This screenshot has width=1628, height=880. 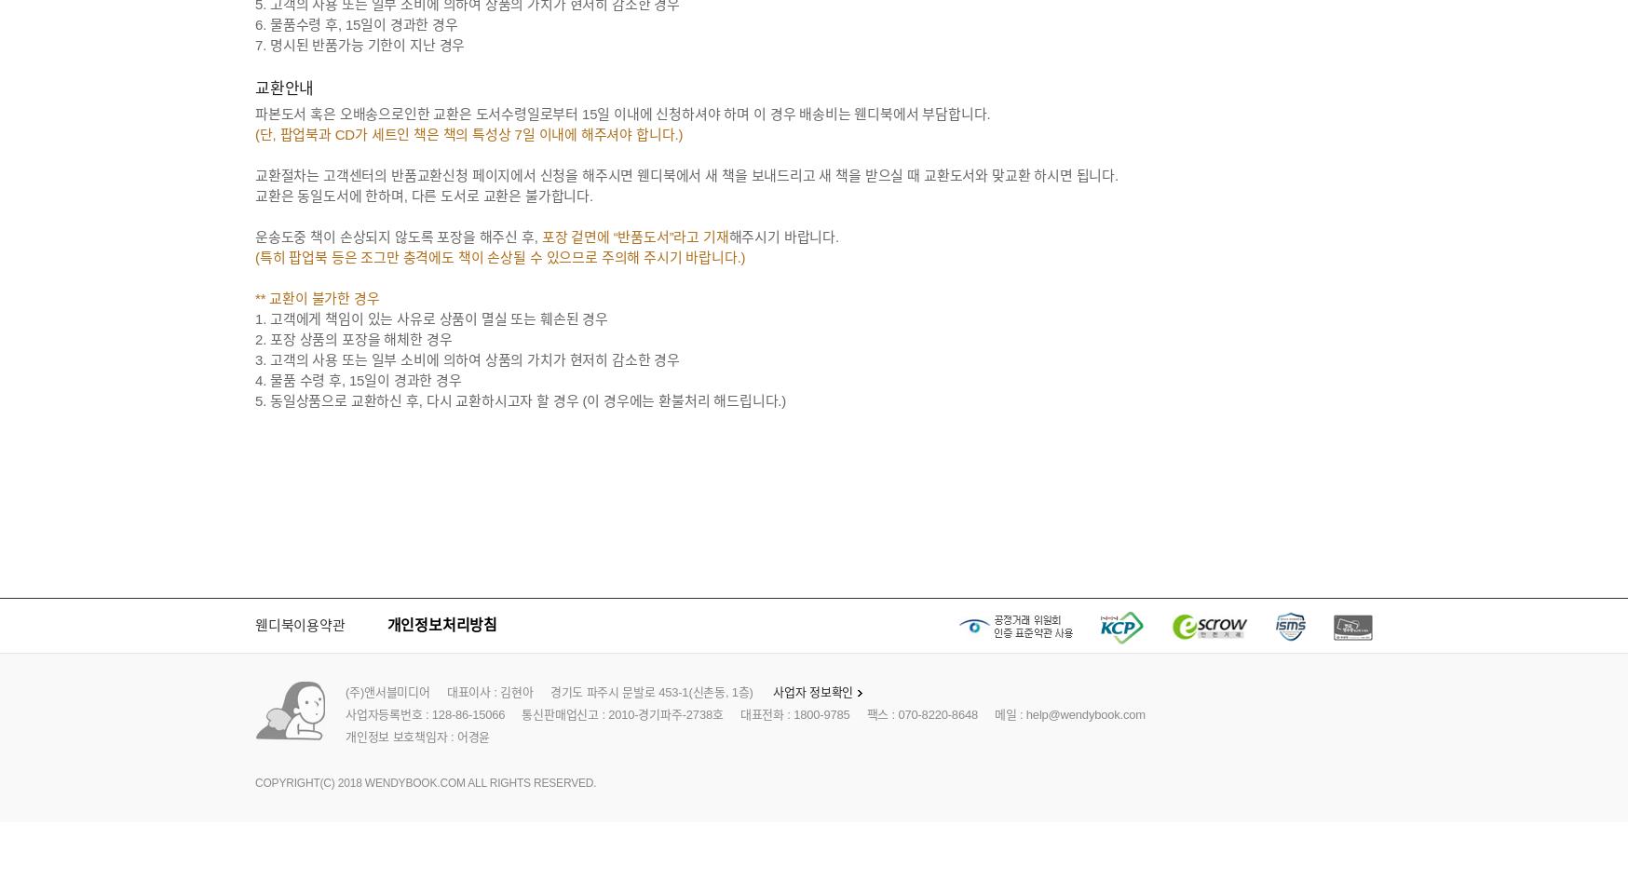 What do you see at coordinates (345, 691) in the screenshot?
I see `'(주)앤서블미디어'` at bounding box center [345, 691].